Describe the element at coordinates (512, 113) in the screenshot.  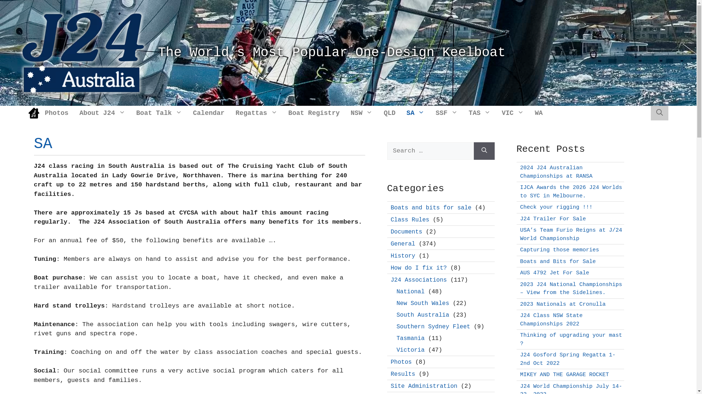
I see `'VIC'` at that location.